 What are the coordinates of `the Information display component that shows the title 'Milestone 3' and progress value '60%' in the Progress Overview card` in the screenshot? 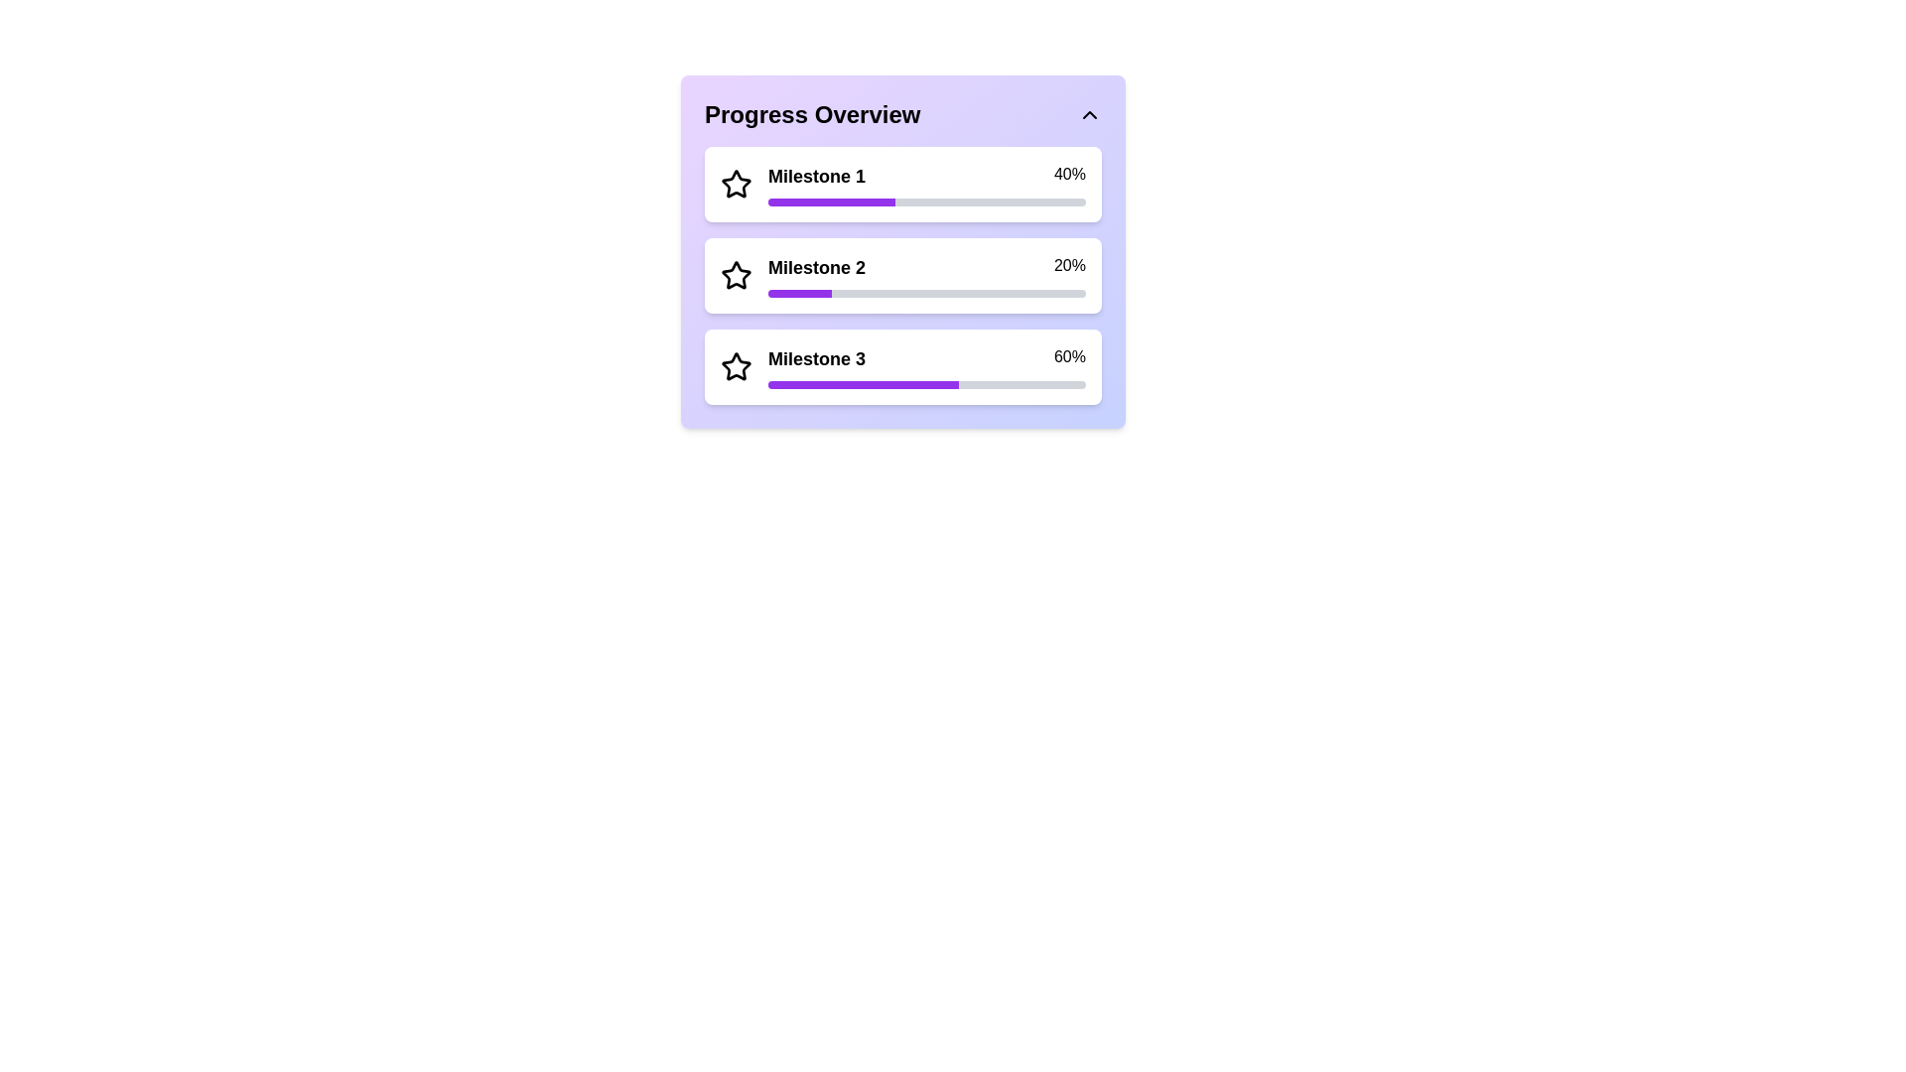 It's located at (926, 359).